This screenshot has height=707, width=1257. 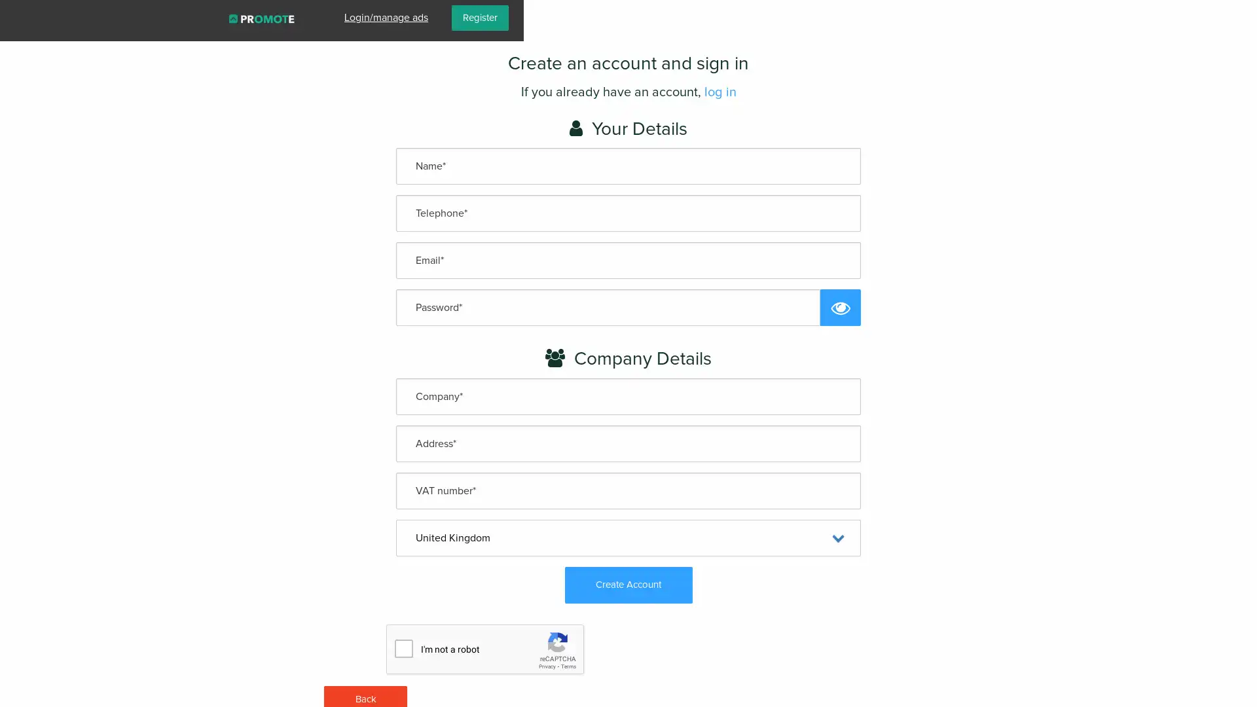 What do you see at coordinates (627, 584) in the screenshot?
I see `Create Account` at bounding box center [627, 584].